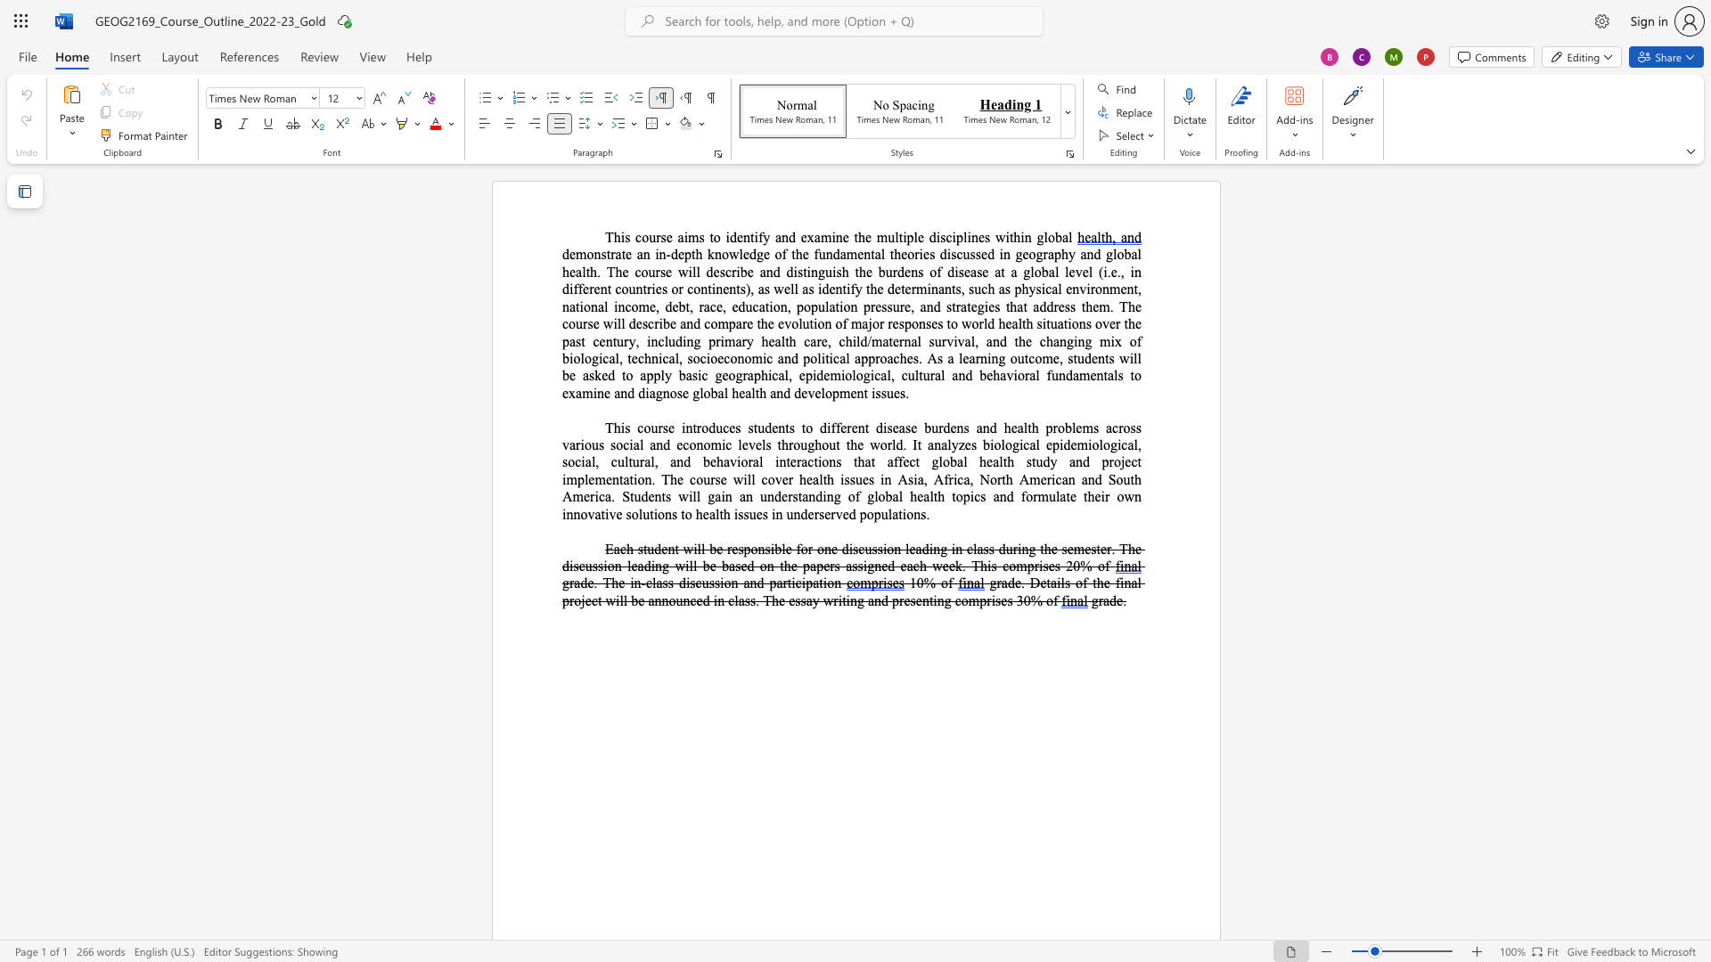 Image resolution: width=1711 pixels, height=962 pixels. I want to click on the space between the continuous character "i" and "m" in the text, so click(689, 236).